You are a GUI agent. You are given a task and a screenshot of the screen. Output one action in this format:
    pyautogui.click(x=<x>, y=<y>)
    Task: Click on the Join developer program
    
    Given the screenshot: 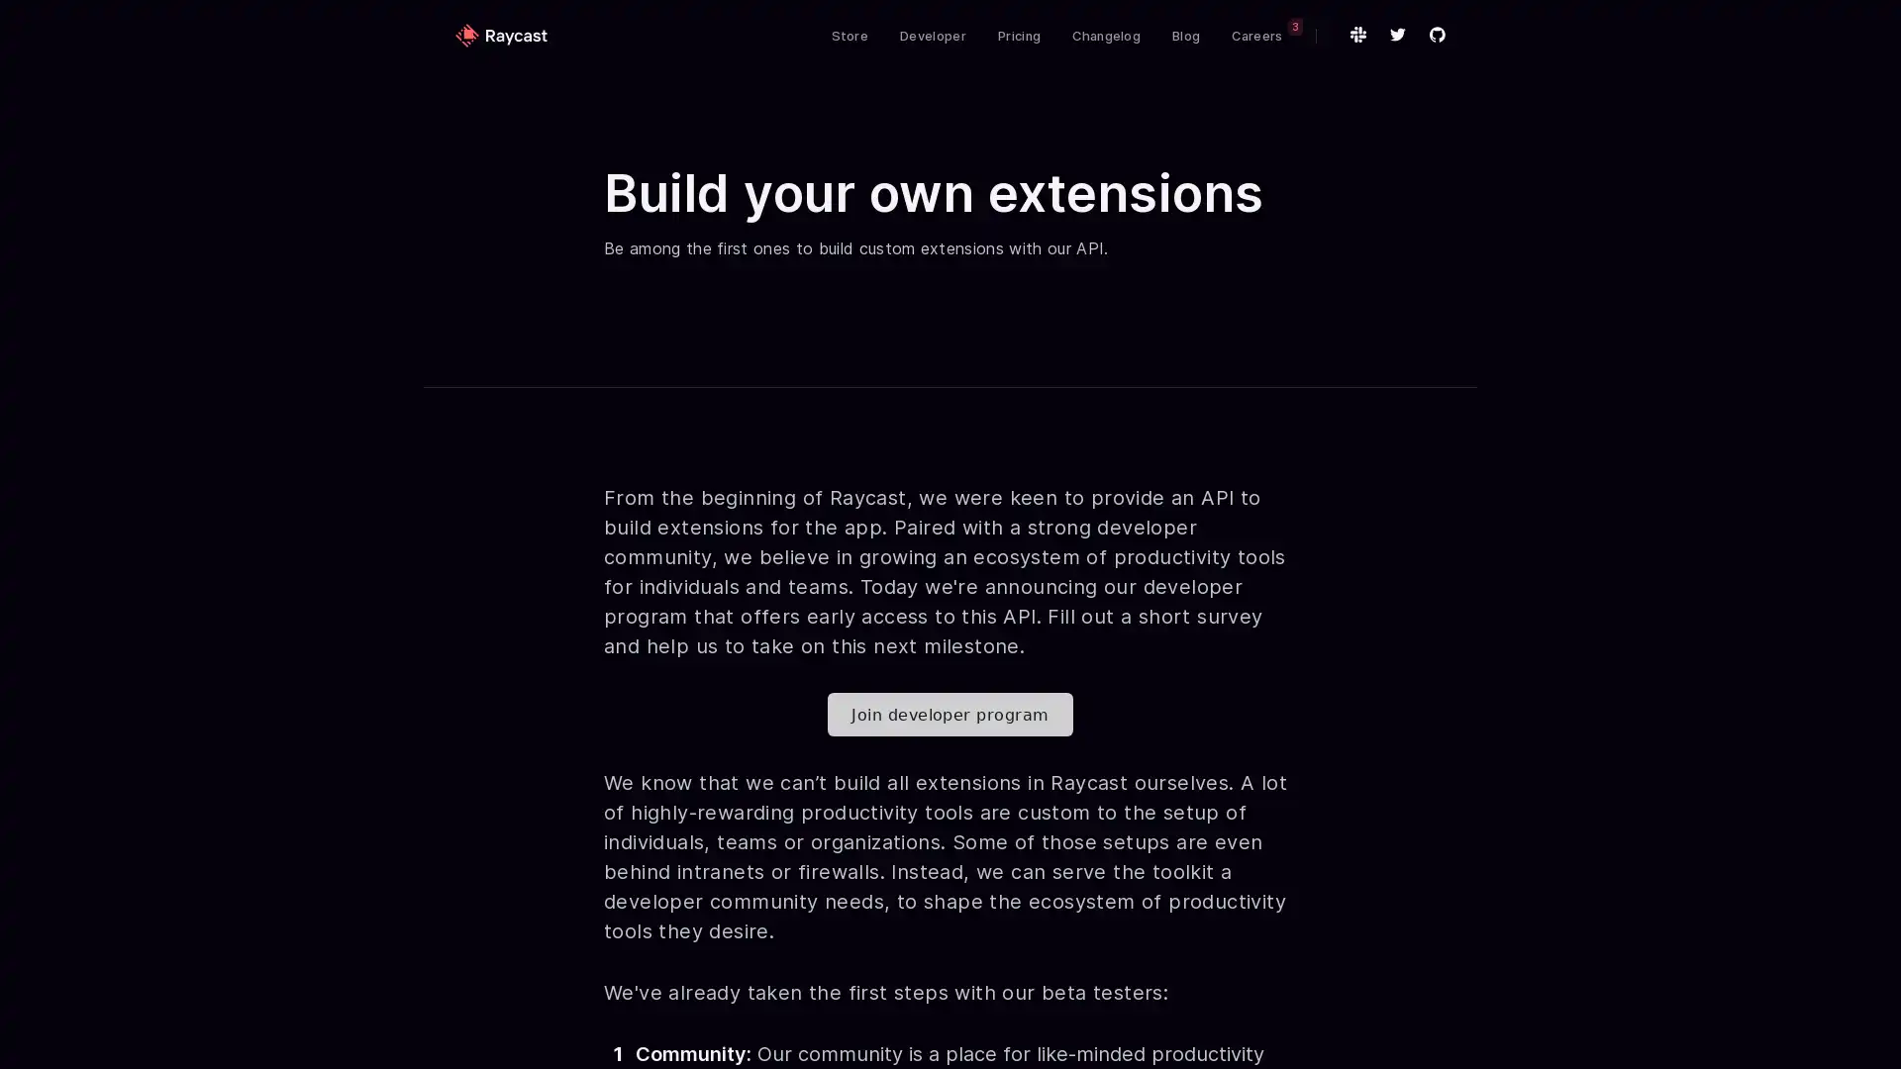 What is the action you would take?
    pyautogui.click(x=949, y=714)
    